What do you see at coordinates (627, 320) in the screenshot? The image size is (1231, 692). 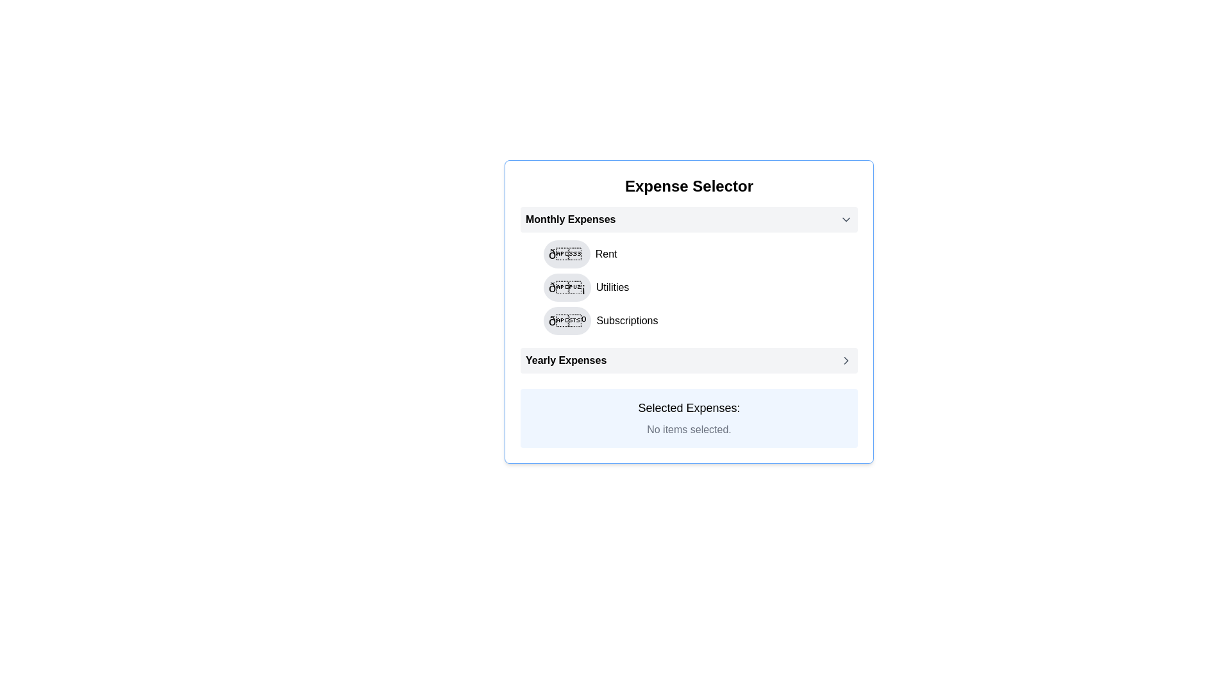 I see `the text label reading 'Subscriptions' which is styled in black text color and located in the 'Monthly Expenses' section, positioned after a decorative icon` at bounding box center [627, 320].